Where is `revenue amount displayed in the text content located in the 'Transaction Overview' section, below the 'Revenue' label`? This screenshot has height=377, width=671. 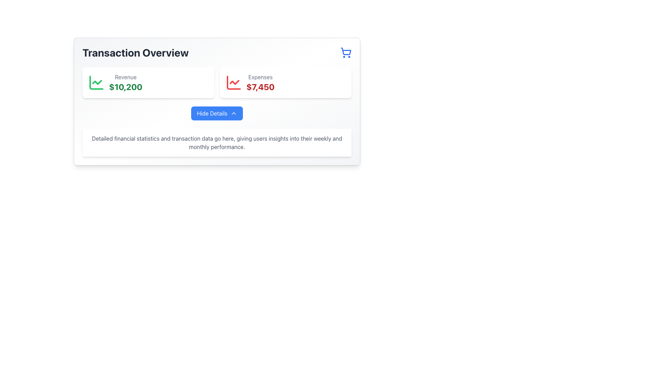 revenue amount displayed in the text content located in the 'Transaction Overview' section, below the 'Revenue' label is located at coordinates (125, 87).